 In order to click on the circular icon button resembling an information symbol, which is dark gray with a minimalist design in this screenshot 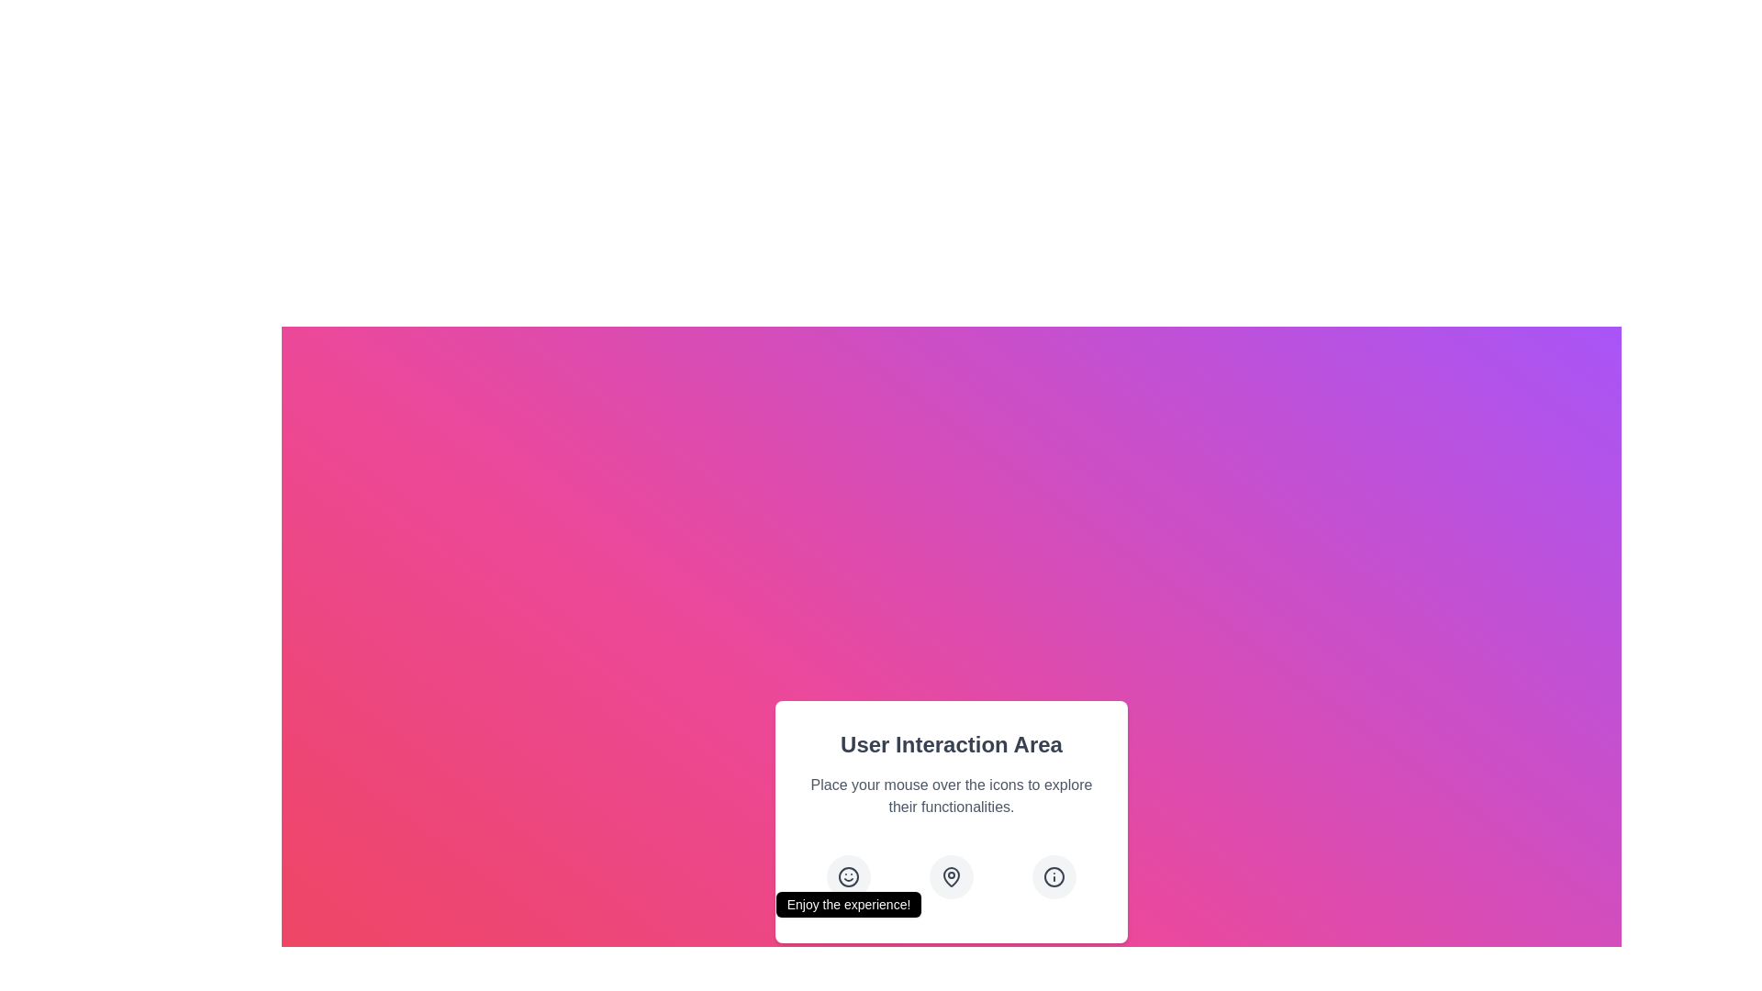, I will do `click(1054, 876)`.